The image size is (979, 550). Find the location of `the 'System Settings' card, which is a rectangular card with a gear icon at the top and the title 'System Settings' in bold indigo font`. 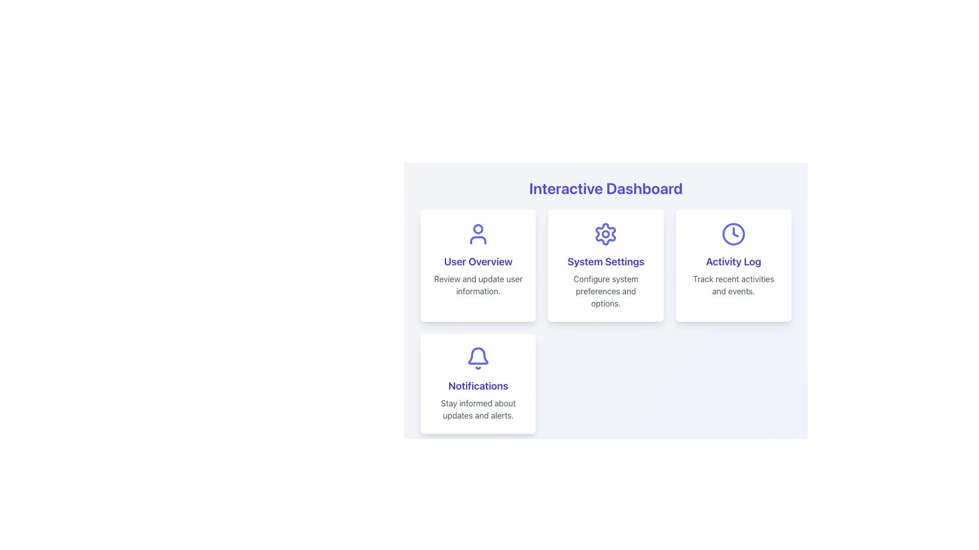

the 'System Settings' card, which is a rectangular card with a gear icon at the top and the title 'System Settings' in bold indigo font is located at coordinates (606, 265).